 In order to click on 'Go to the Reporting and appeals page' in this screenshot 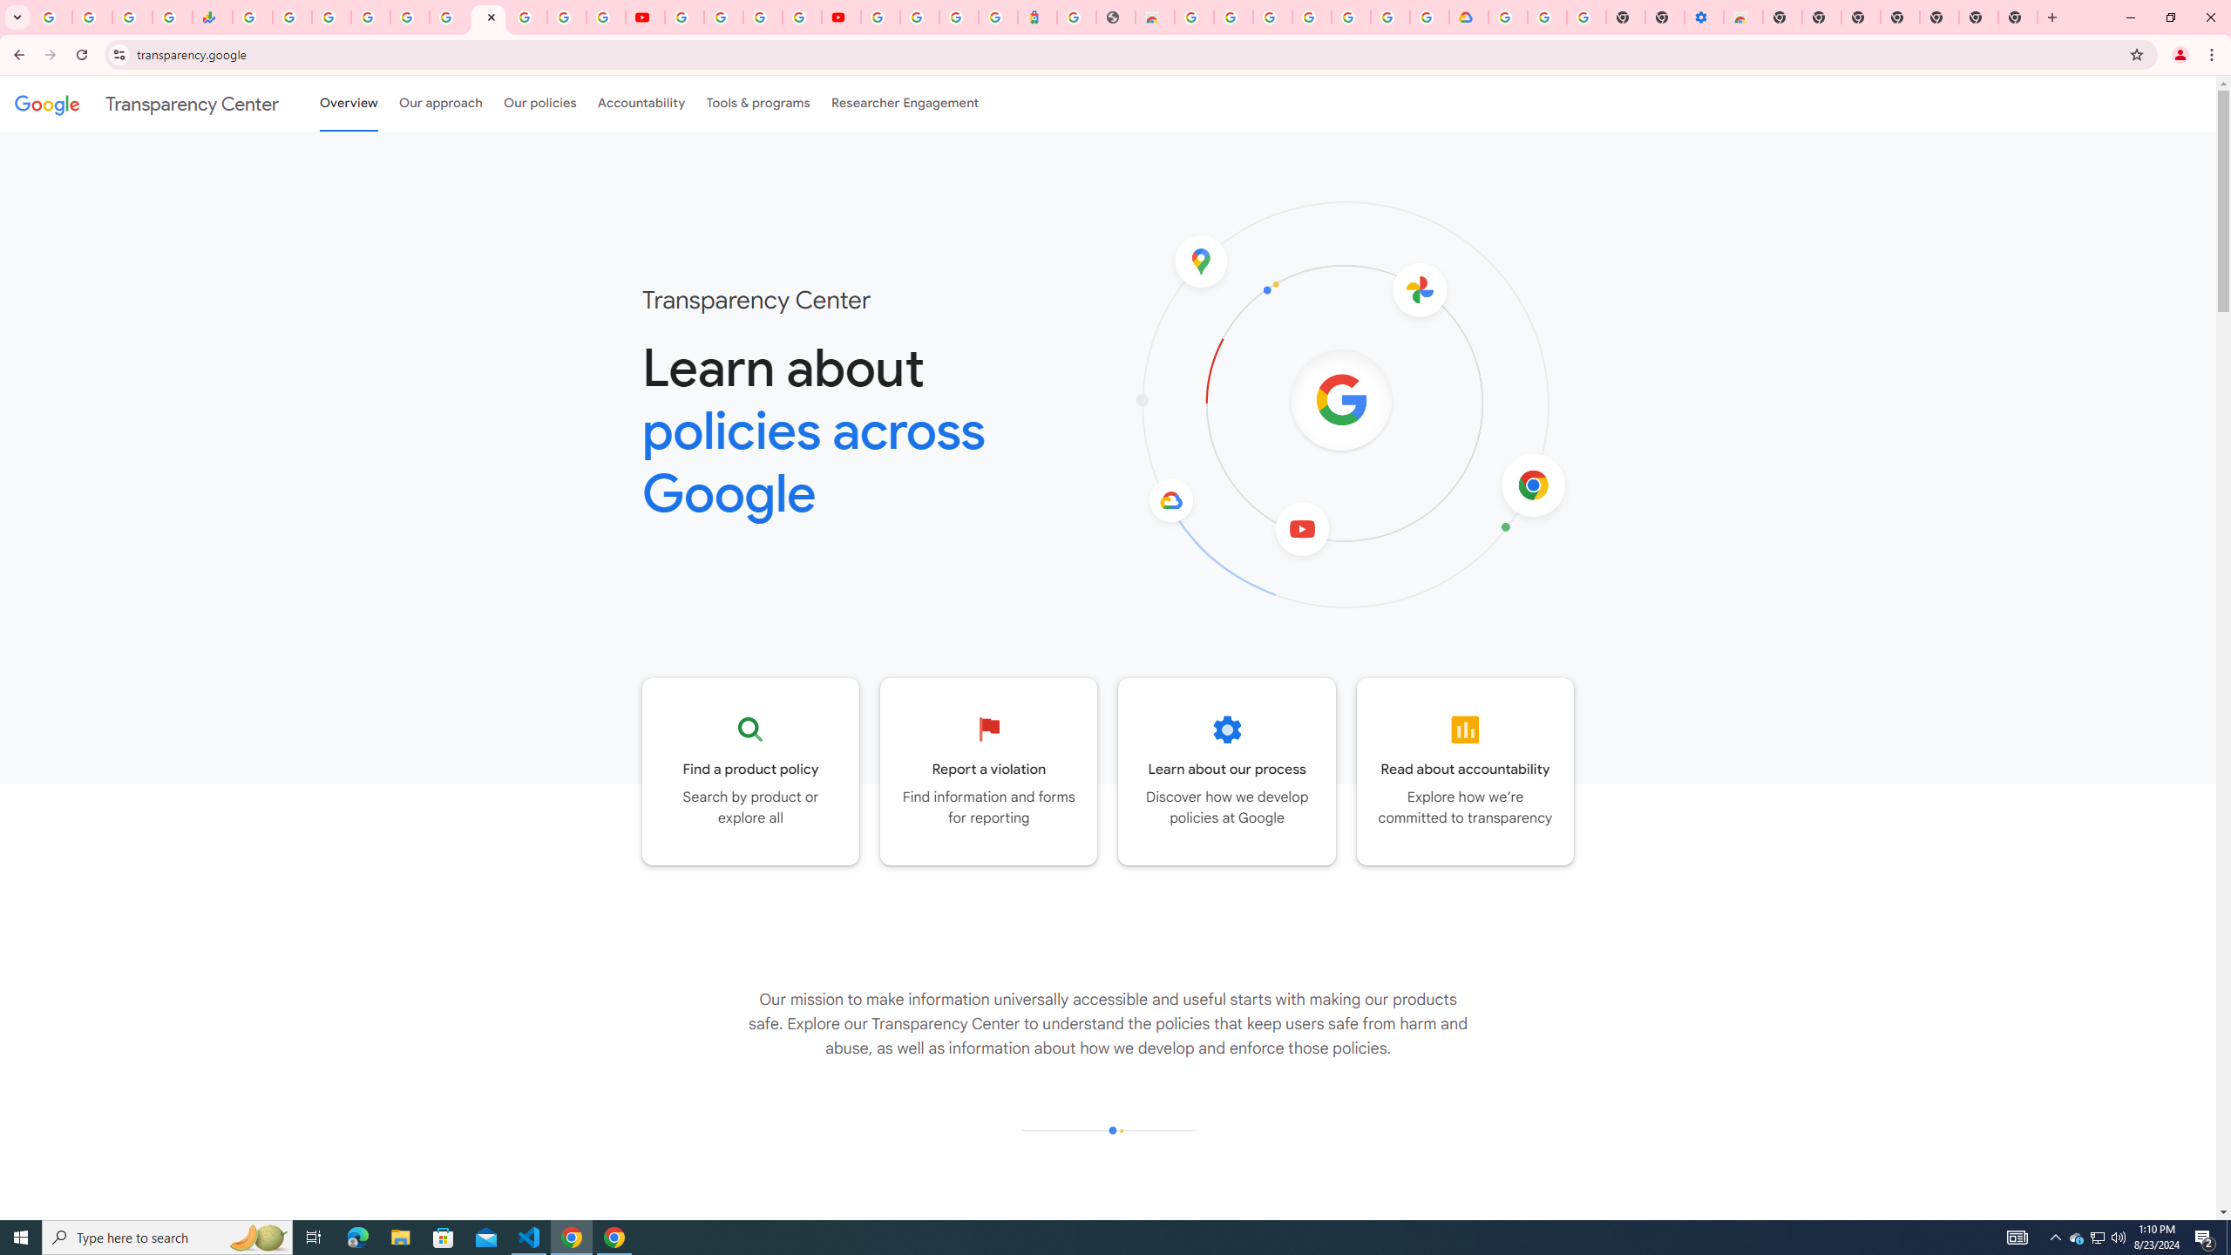, I will do `click(988, 770)`.